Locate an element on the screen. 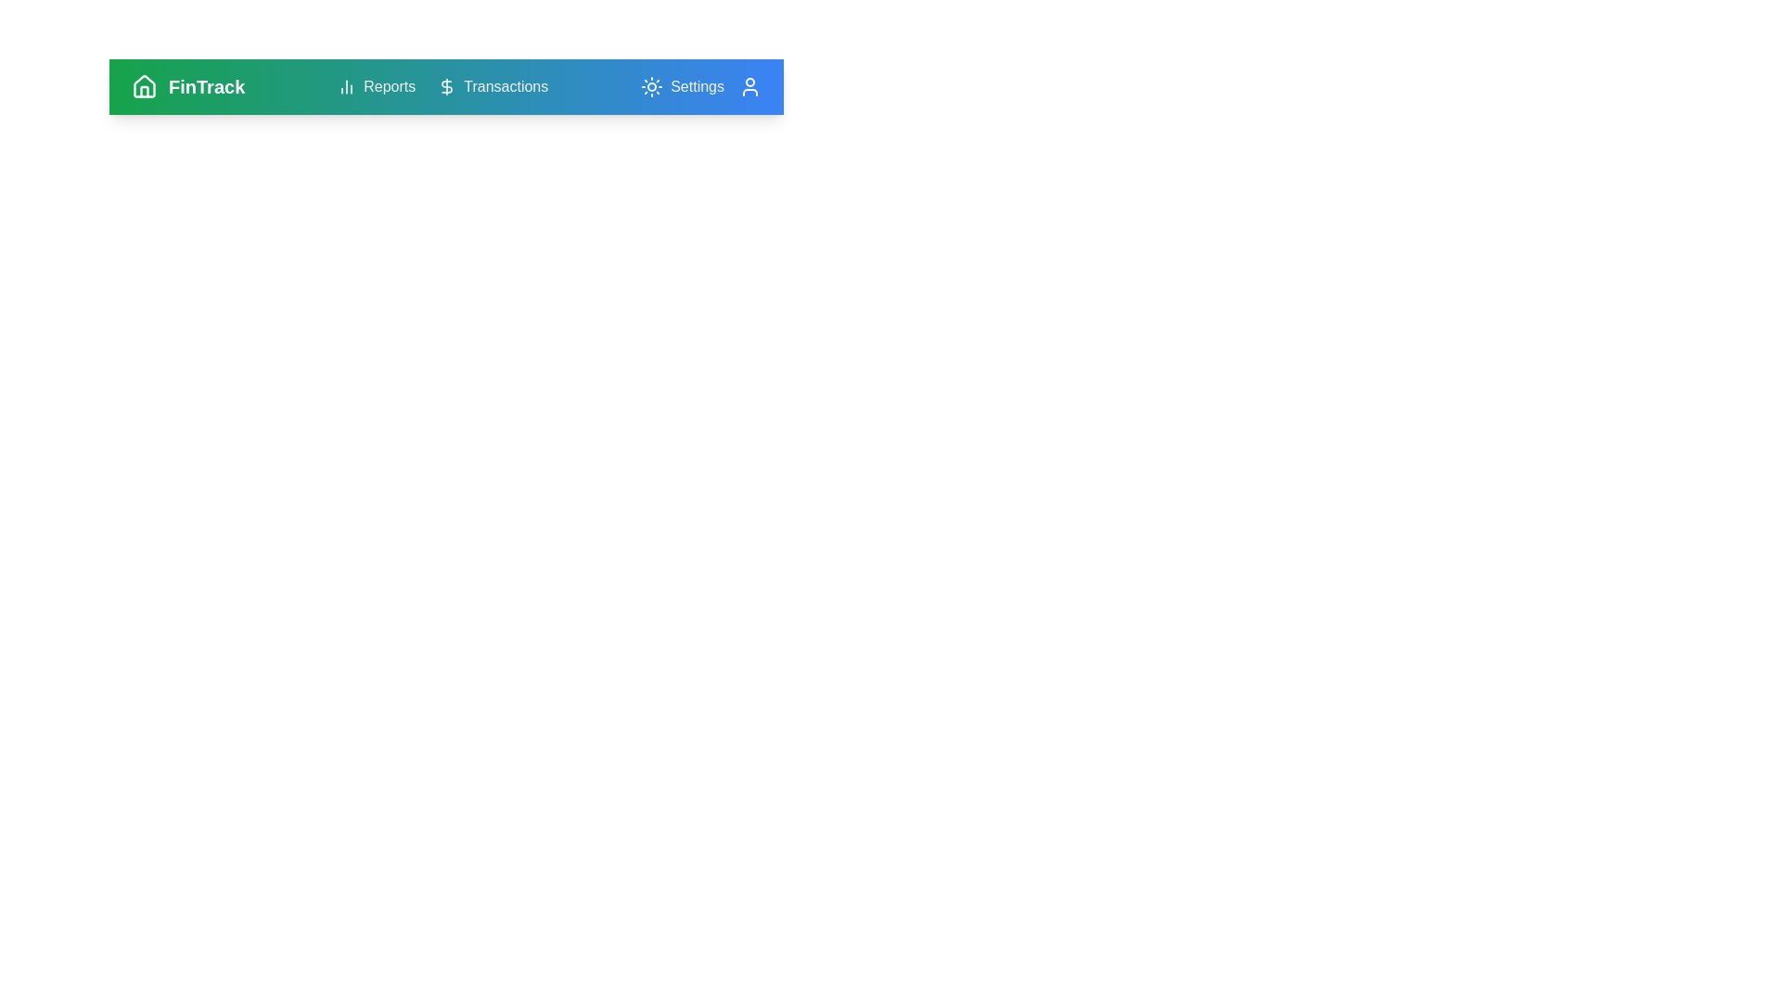  the 'Transactions' button to navigate to the Transactions section is located at coordinates (493, 86).